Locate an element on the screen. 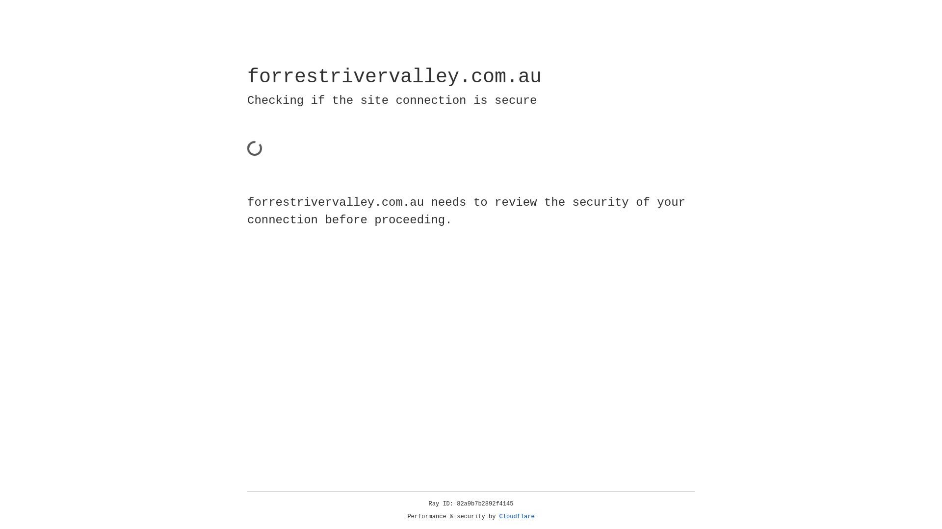 The image size is (942, 529). 'Cloudflare' is located at coordinates (517, 516).